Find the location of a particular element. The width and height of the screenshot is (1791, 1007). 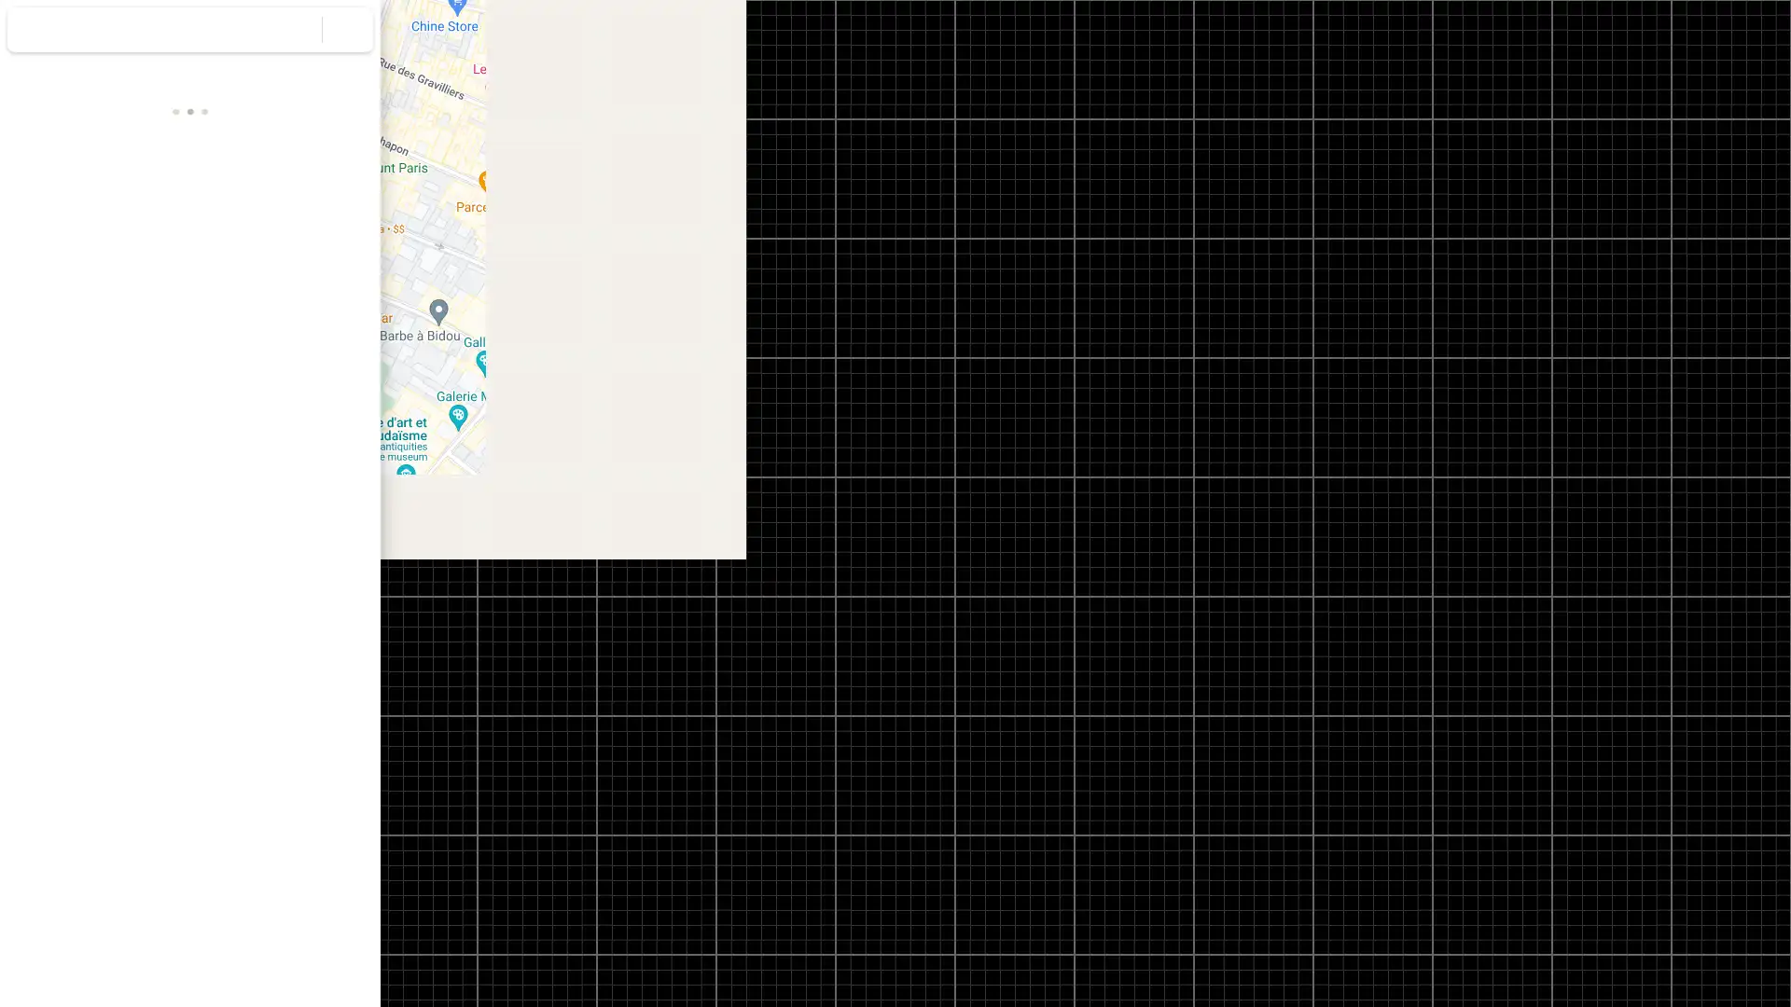

Clear search is located at coordinates (348, 29).